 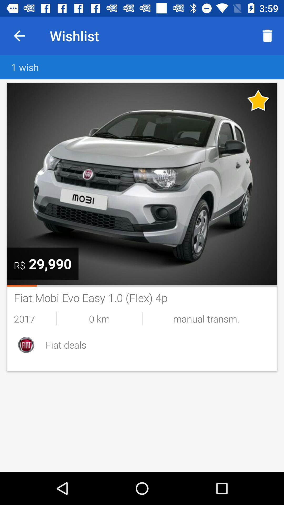 I want to click on item below the 1 wish item, so click(x=142, y=184).